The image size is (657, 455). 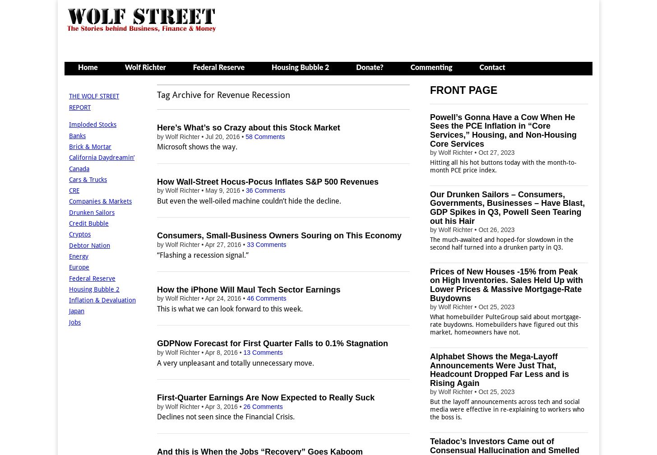 What do you see at coordinates (77, 311) in the screenshot?
I see `'Japan'` at bounding box center [77, 311].